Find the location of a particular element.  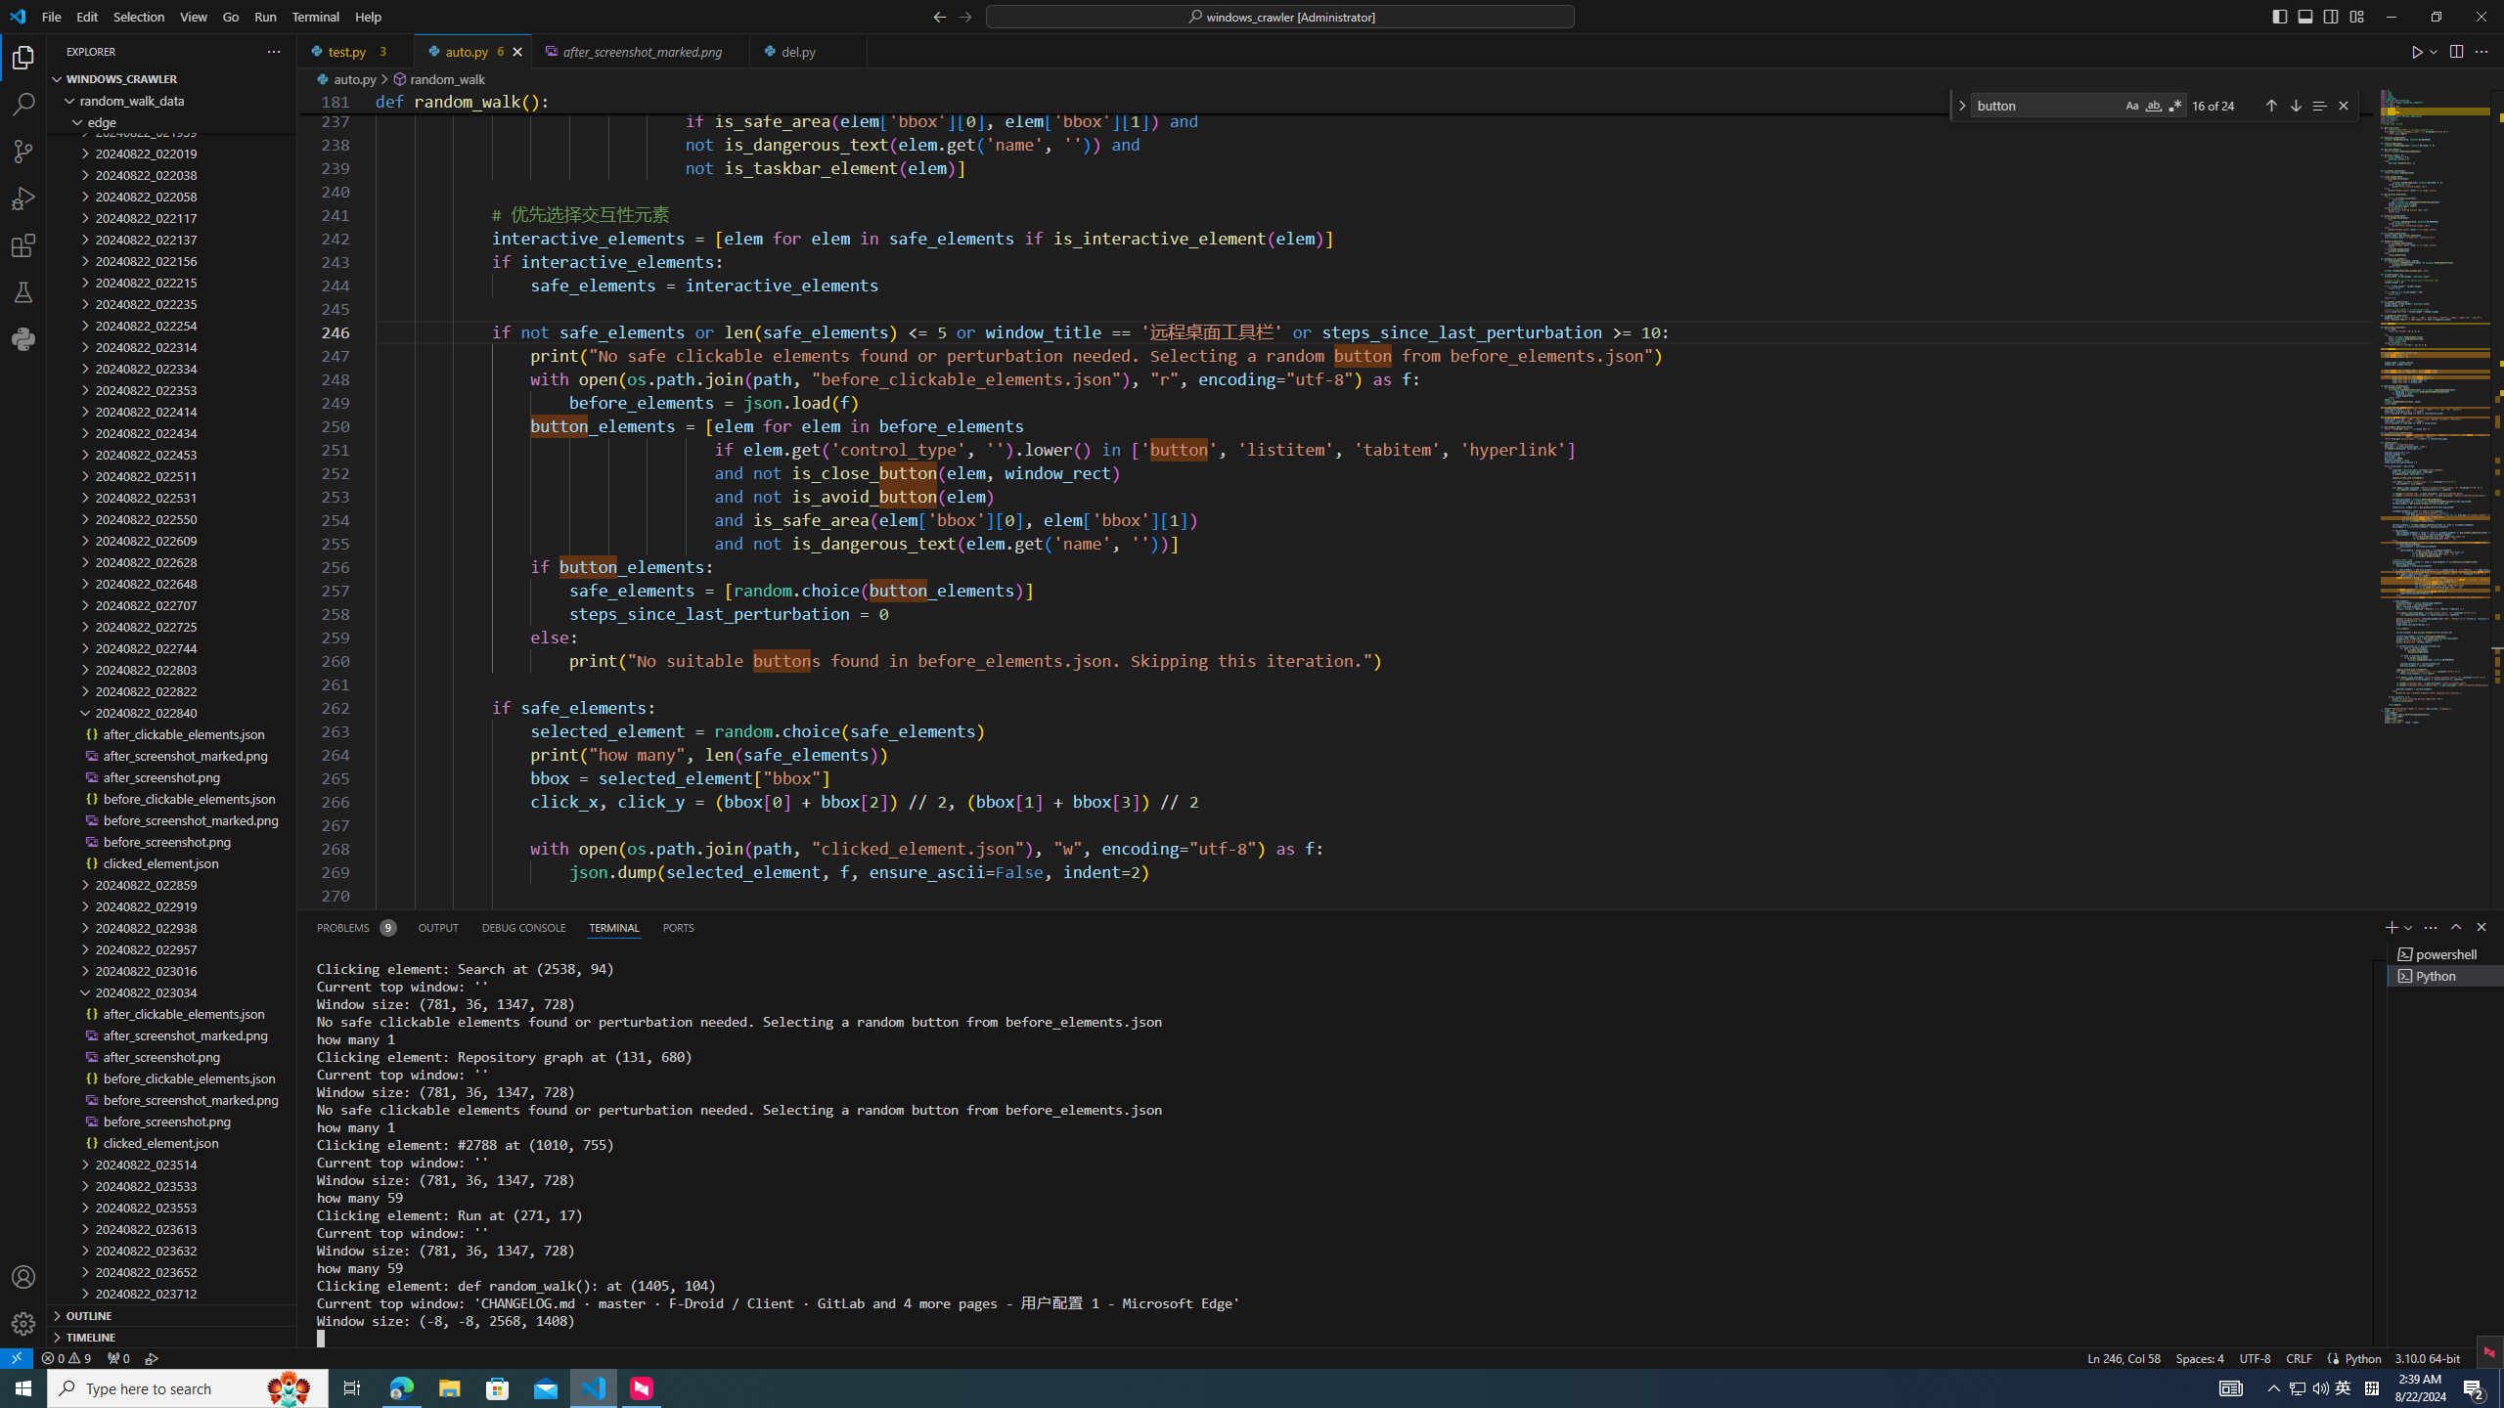

'View' is located at coordinates (193, 16).